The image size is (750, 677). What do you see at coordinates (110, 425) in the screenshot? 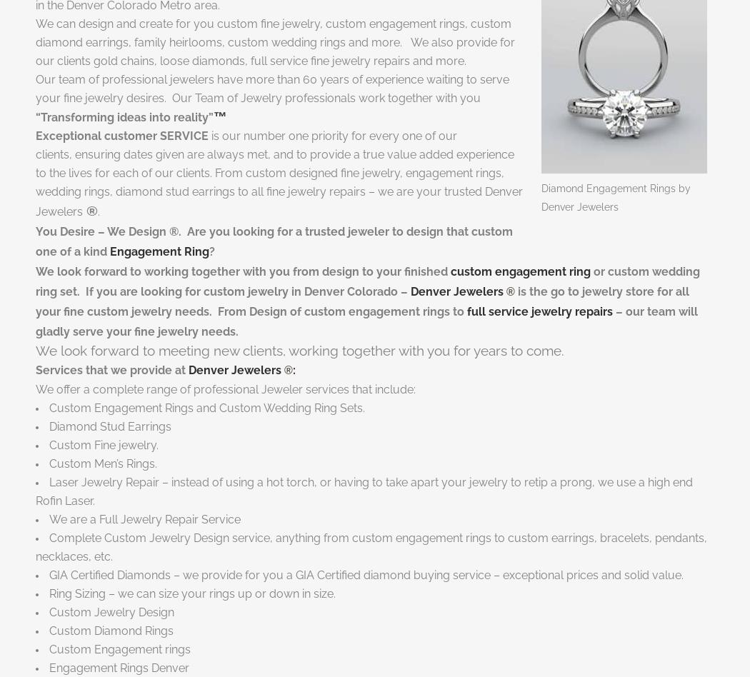
I see `'Diamond Stud Earrings'` at bounding box center [110, 425].